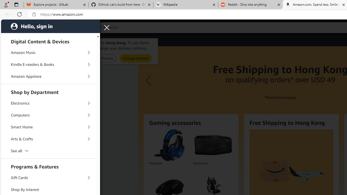 The image size is (347, 195). What do you see at coordinates (49, 139) in the screenshot?
I see `'Arts & Crafts'` at bounding box center [49, 139].